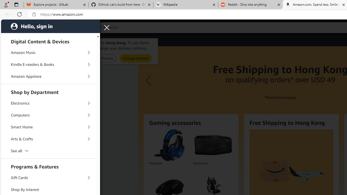 The image size is (347, 195). What do you see at coordinates (49, 139) in the screenshot?
I see `'Arts & Crafts'` at bounding box center [49, 139].